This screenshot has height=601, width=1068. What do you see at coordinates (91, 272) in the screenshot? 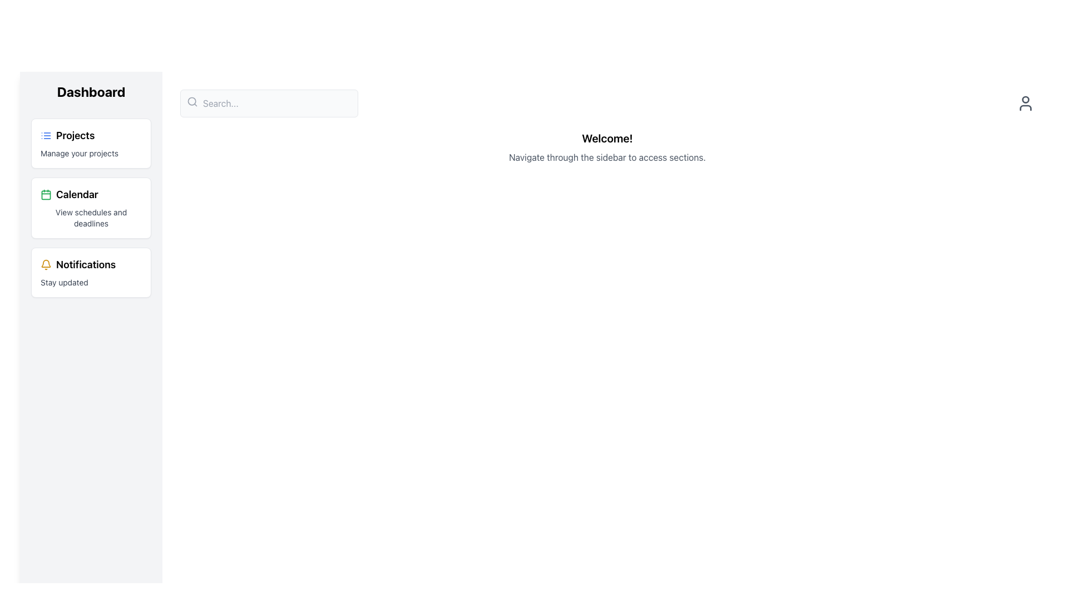
I see `the Notifications card in the sidebar` at bounding box center [91, 272].